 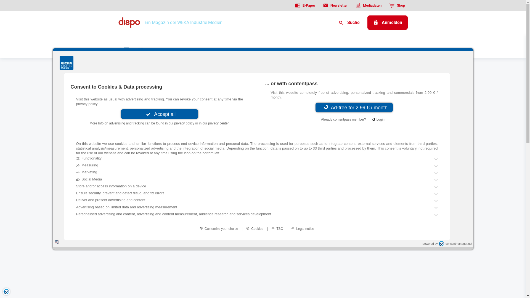 I want to click on 'E-Paper', so click(x=305, y=5).